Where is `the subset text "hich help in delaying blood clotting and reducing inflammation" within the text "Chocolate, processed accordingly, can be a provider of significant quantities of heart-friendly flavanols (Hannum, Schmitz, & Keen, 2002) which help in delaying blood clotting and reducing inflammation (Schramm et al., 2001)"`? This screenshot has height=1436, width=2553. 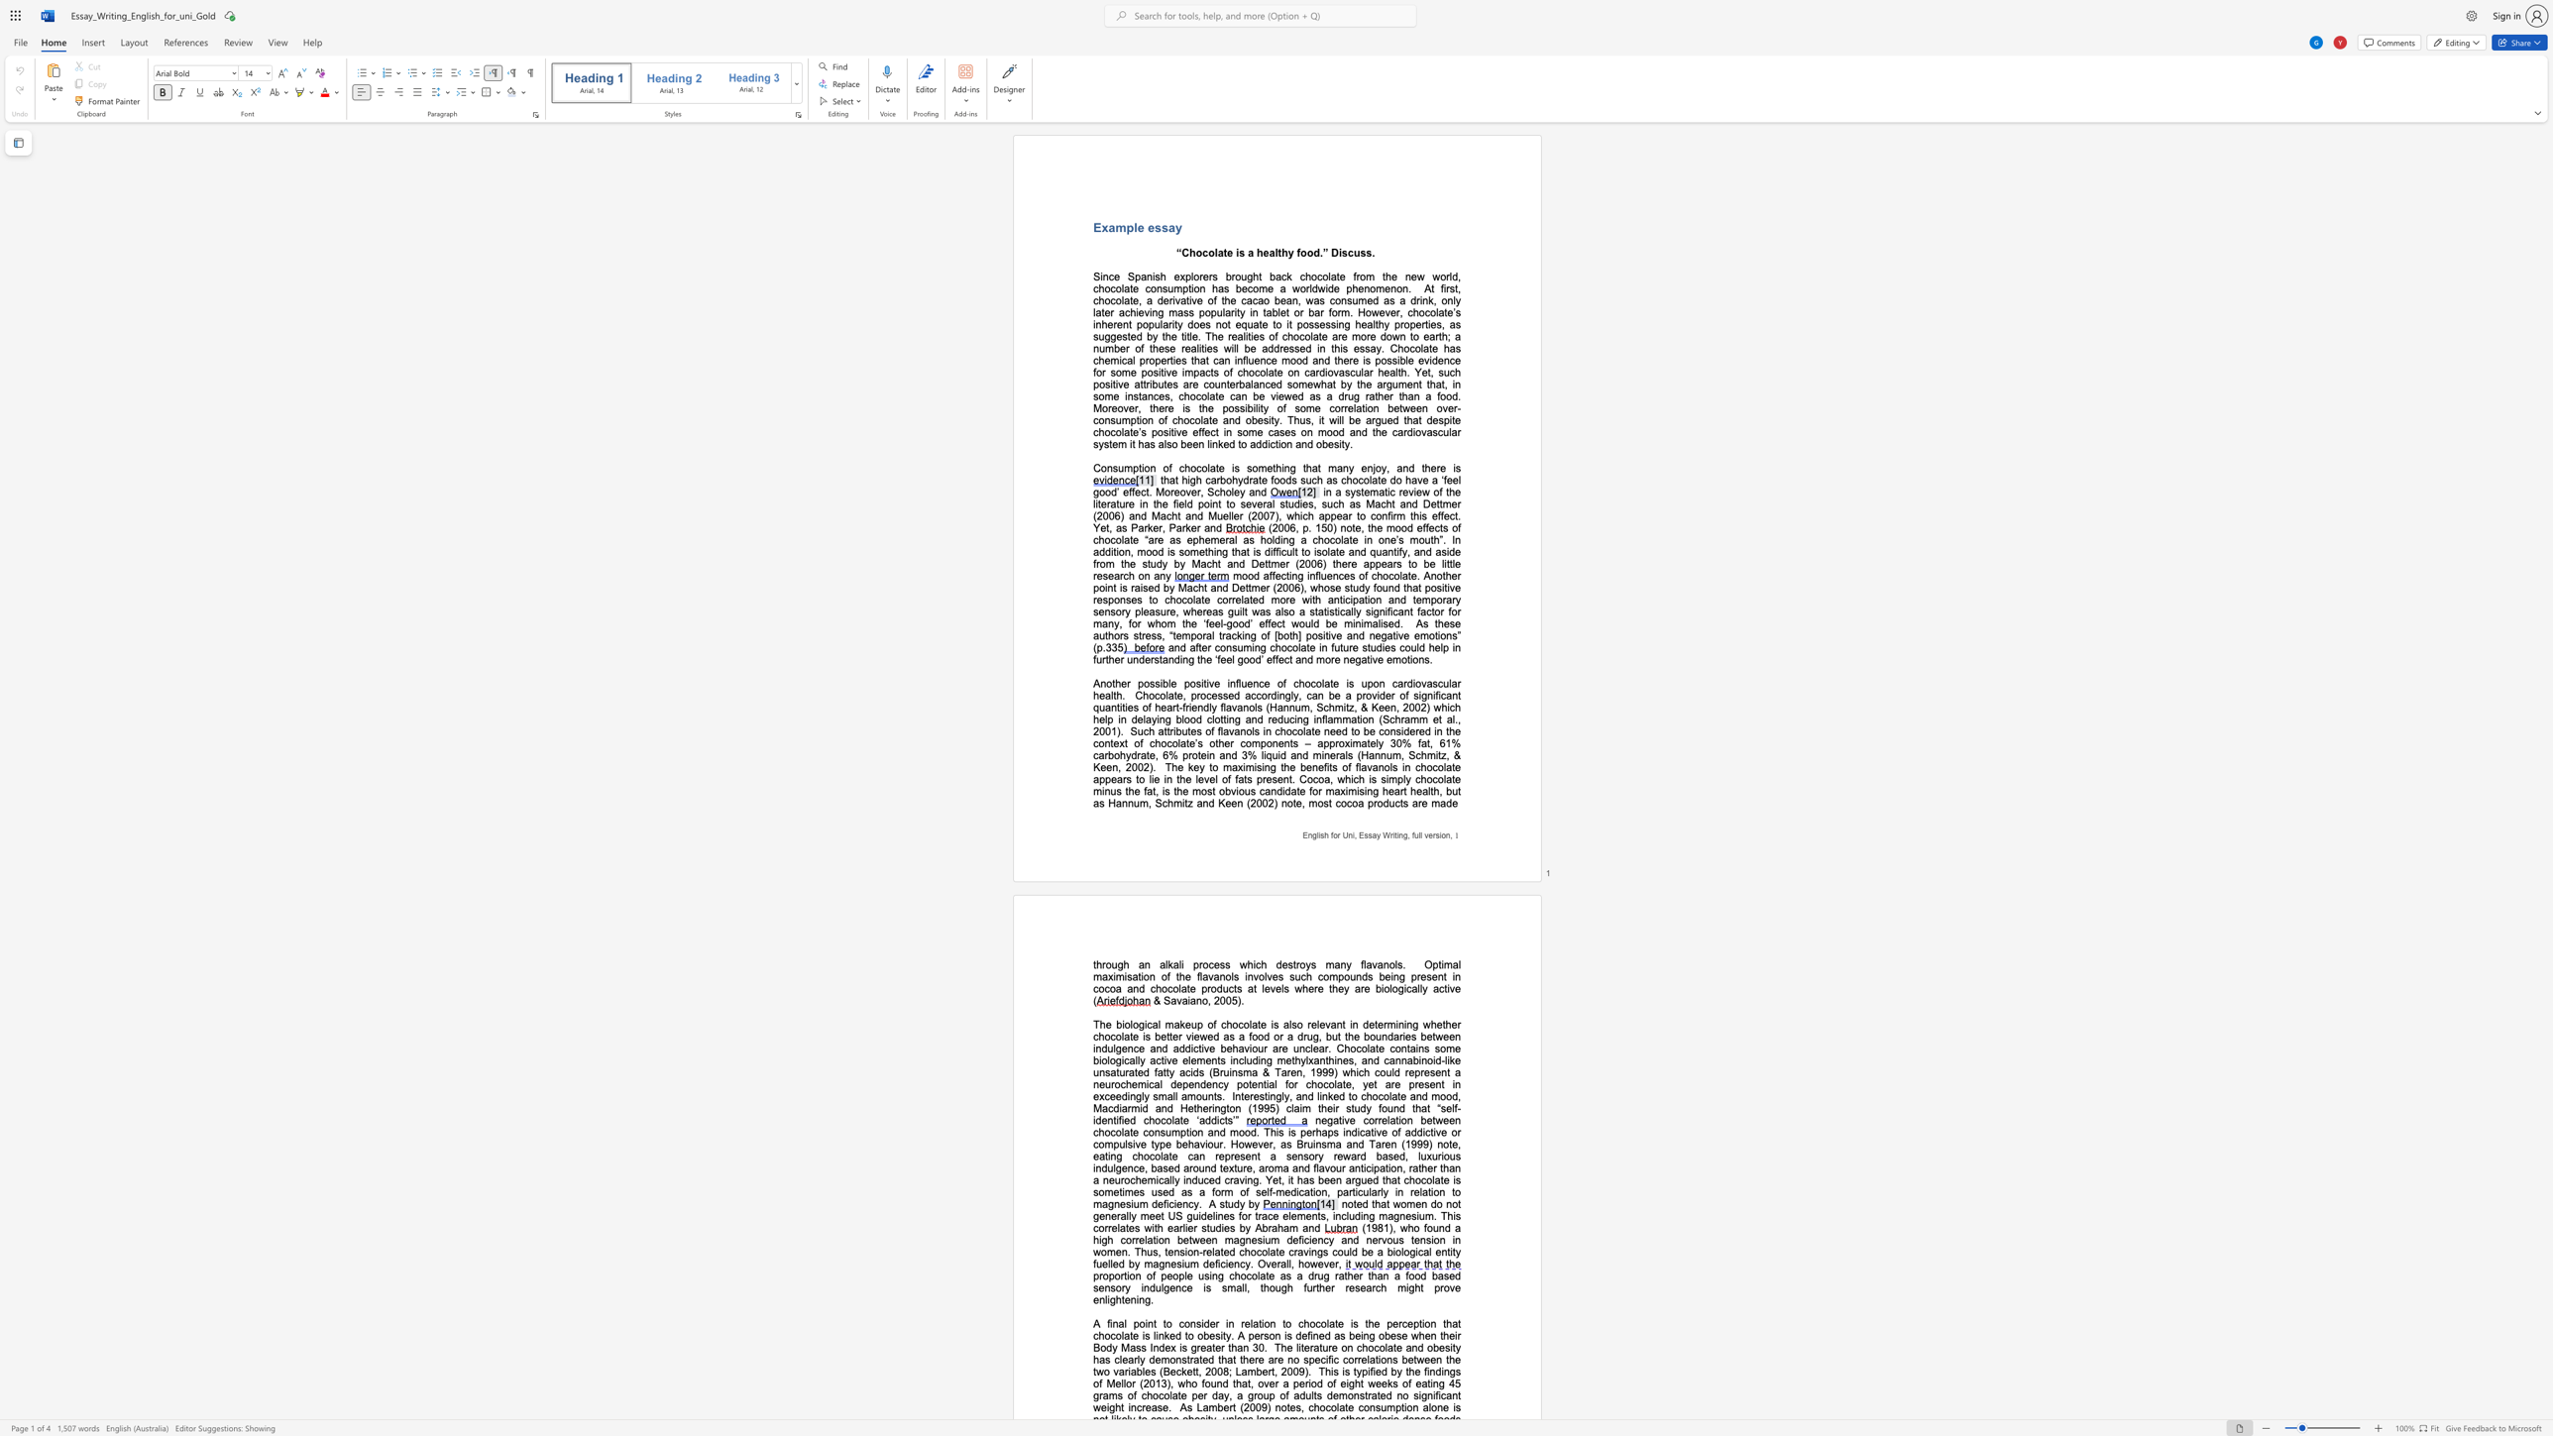 the subset text "hich help in delaying blood clotting and reducing inflammation" within the text "Chocolate, processed accordingly, can be a provider of significant quantities of heart-friendly flavanols (Hannum, Schmitz, & Keen, 2002) which help in delaying blood clotting and reducing inflammation (Schramm et al., 2001)" is located at coordinates (1440, 708).